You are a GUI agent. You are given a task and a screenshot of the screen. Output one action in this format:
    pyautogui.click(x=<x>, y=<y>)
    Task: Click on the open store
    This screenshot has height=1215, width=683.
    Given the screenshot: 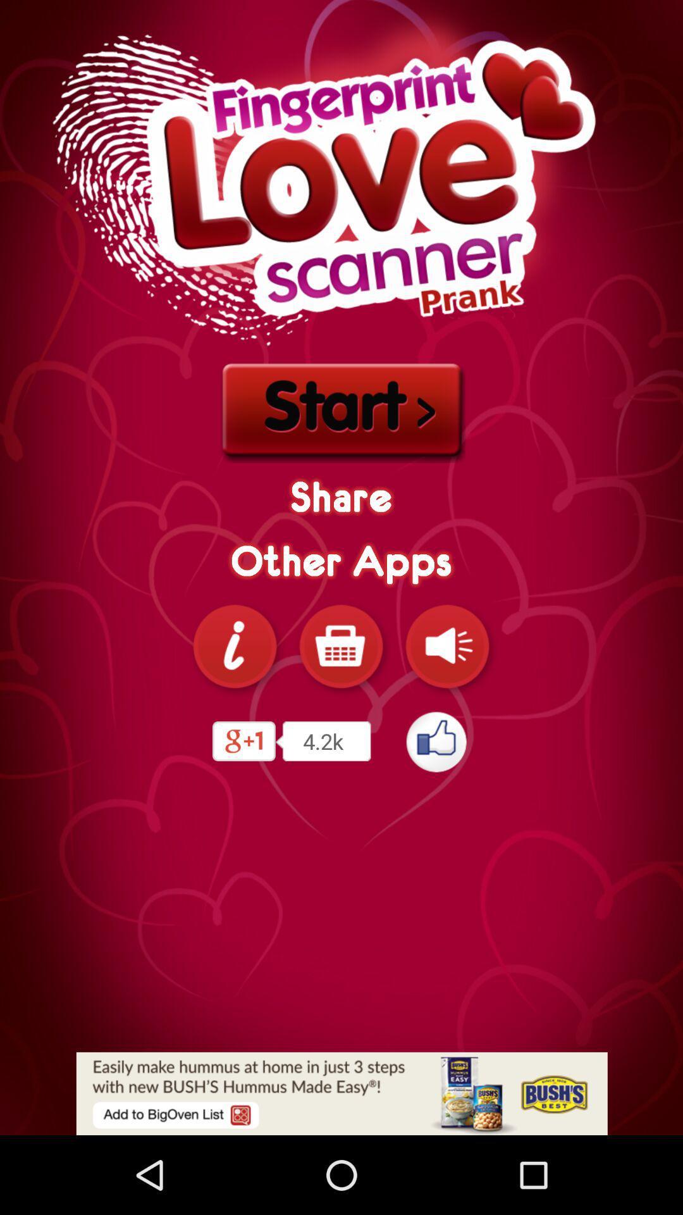 What is the action you would take?
    pyautogui.click(x=341, y=646)
    